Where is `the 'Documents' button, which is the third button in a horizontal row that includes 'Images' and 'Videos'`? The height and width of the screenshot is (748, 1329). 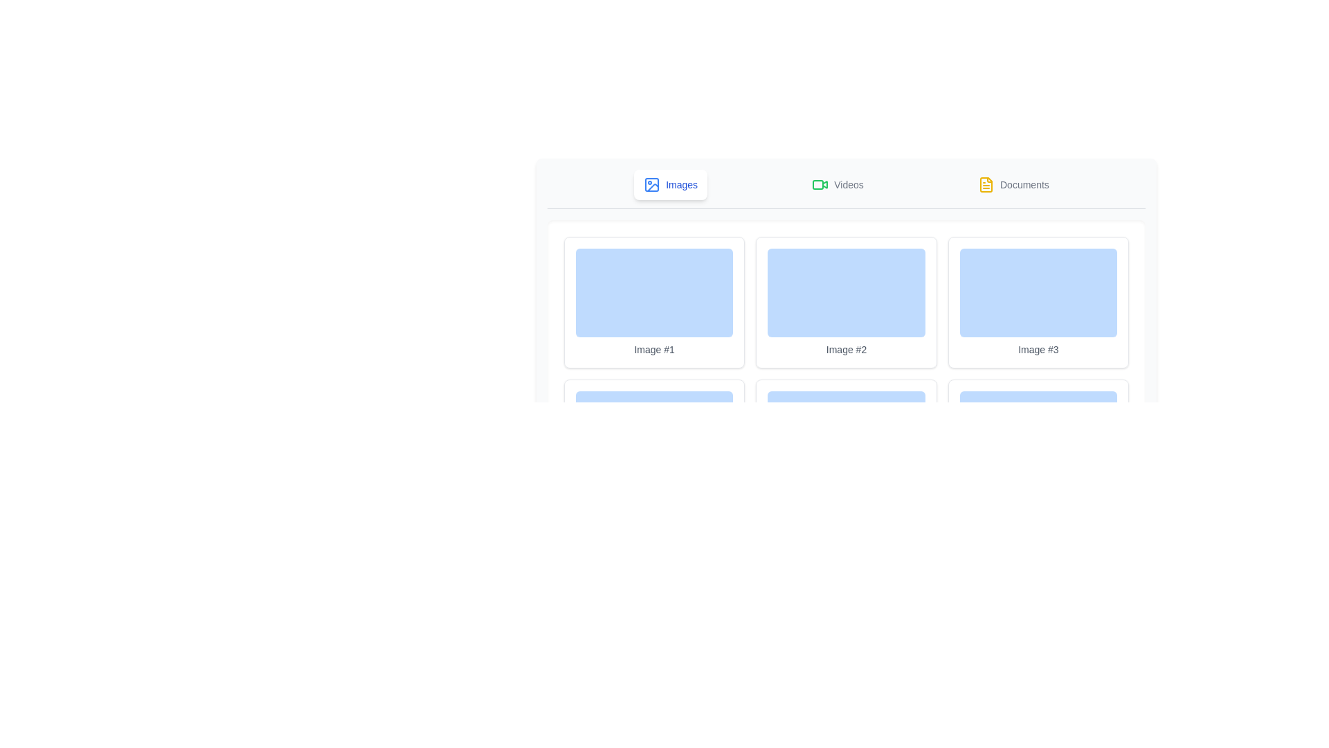
the 'Documents' button, which is the third button in a horizontal row that includes 'Images' and 'Videos' is located at coordinates (1013, 184).